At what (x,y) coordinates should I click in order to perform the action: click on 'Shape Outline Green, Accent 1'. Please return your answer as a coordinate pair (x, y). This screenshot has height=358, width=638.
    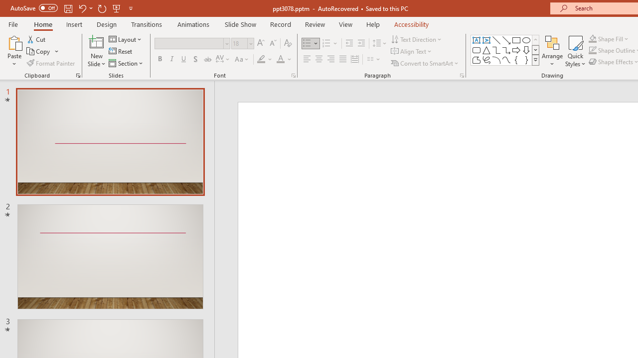
    Looking at the image, I should click on (593, 50).